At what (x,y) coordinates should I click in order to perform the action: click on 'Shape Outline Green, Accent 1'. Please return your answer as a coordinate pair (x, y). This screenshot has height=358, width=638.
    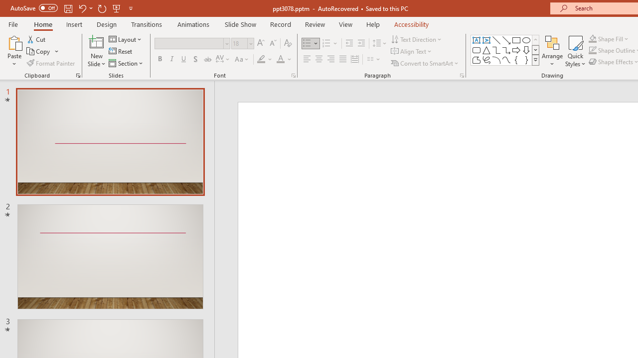
    Looking at the image, I should click on (593, 50).